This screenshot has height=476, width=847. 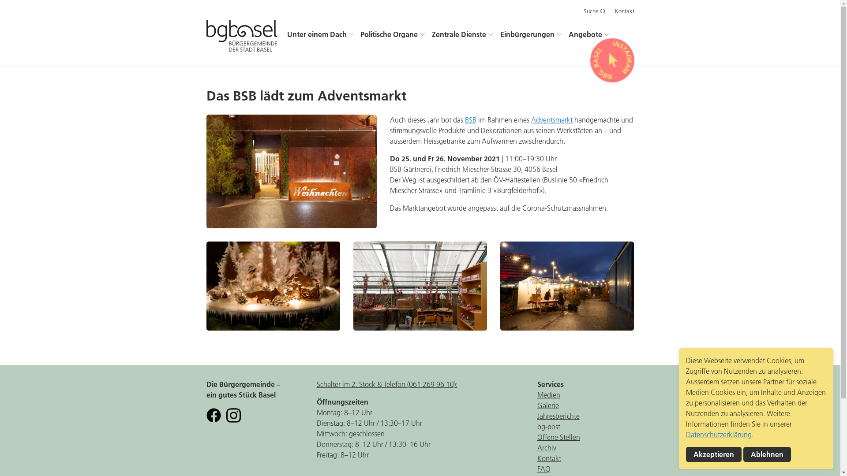 I want to click on 'Unter einem Dach', so click(x=319, y=34).